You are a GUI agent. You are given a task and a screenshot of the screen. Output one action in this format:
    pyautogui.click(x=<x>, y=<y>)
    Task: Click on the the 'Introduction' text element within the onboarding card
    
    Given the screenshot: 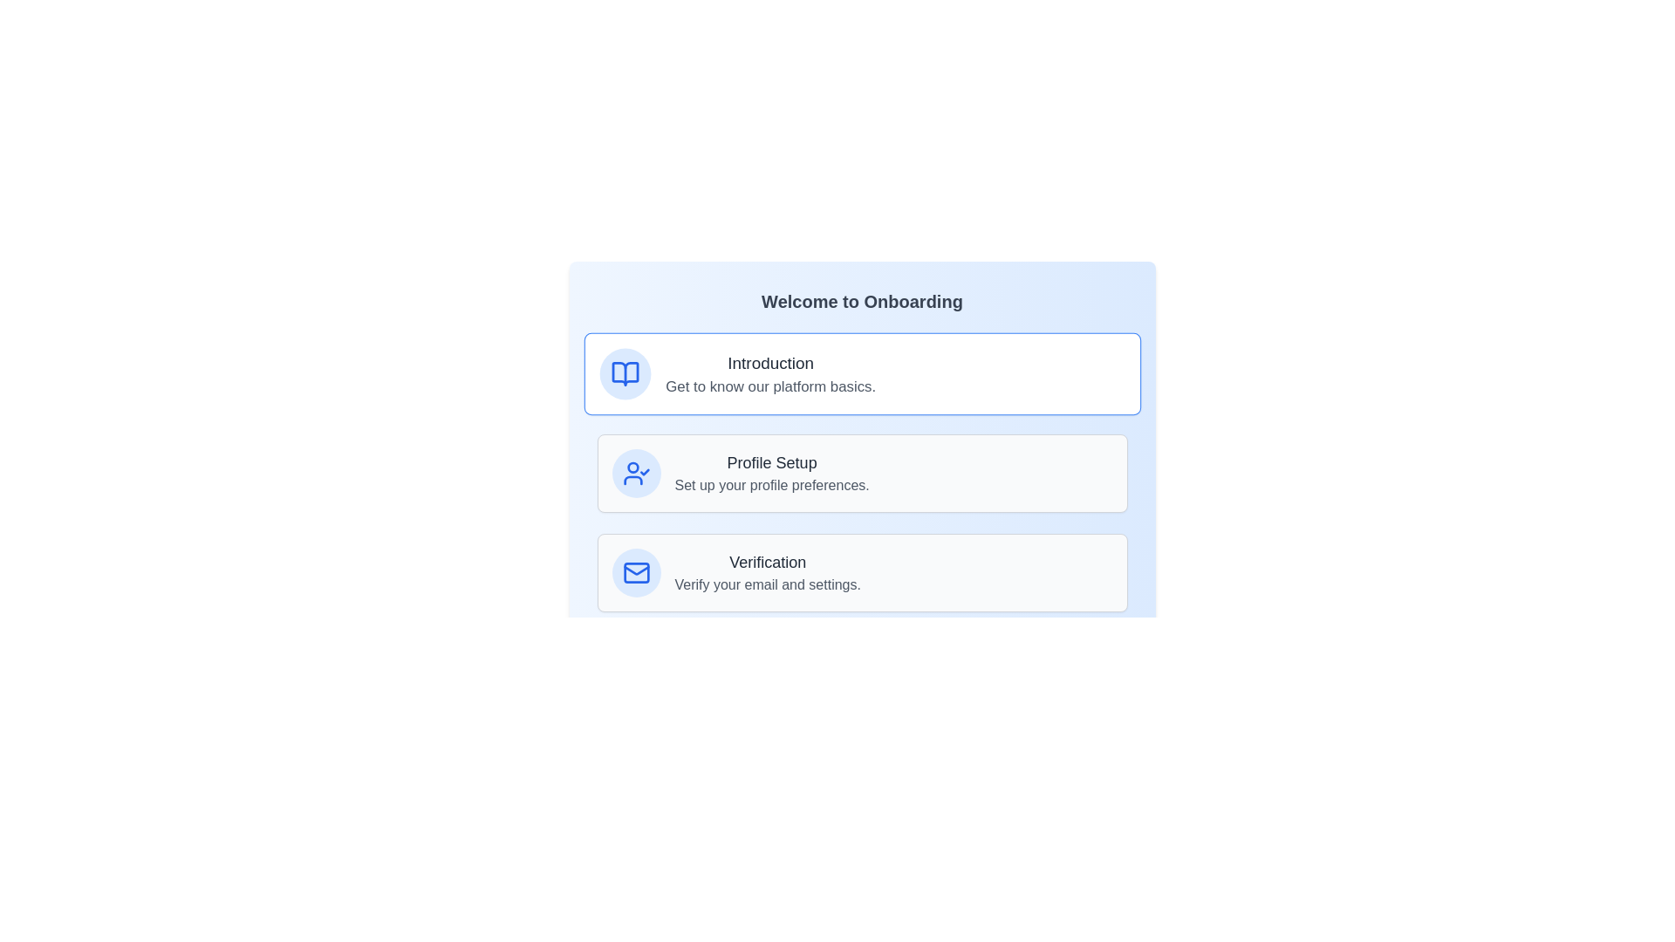 What is the action you would take?
    pyautogui.click(x=769, y=372)
    